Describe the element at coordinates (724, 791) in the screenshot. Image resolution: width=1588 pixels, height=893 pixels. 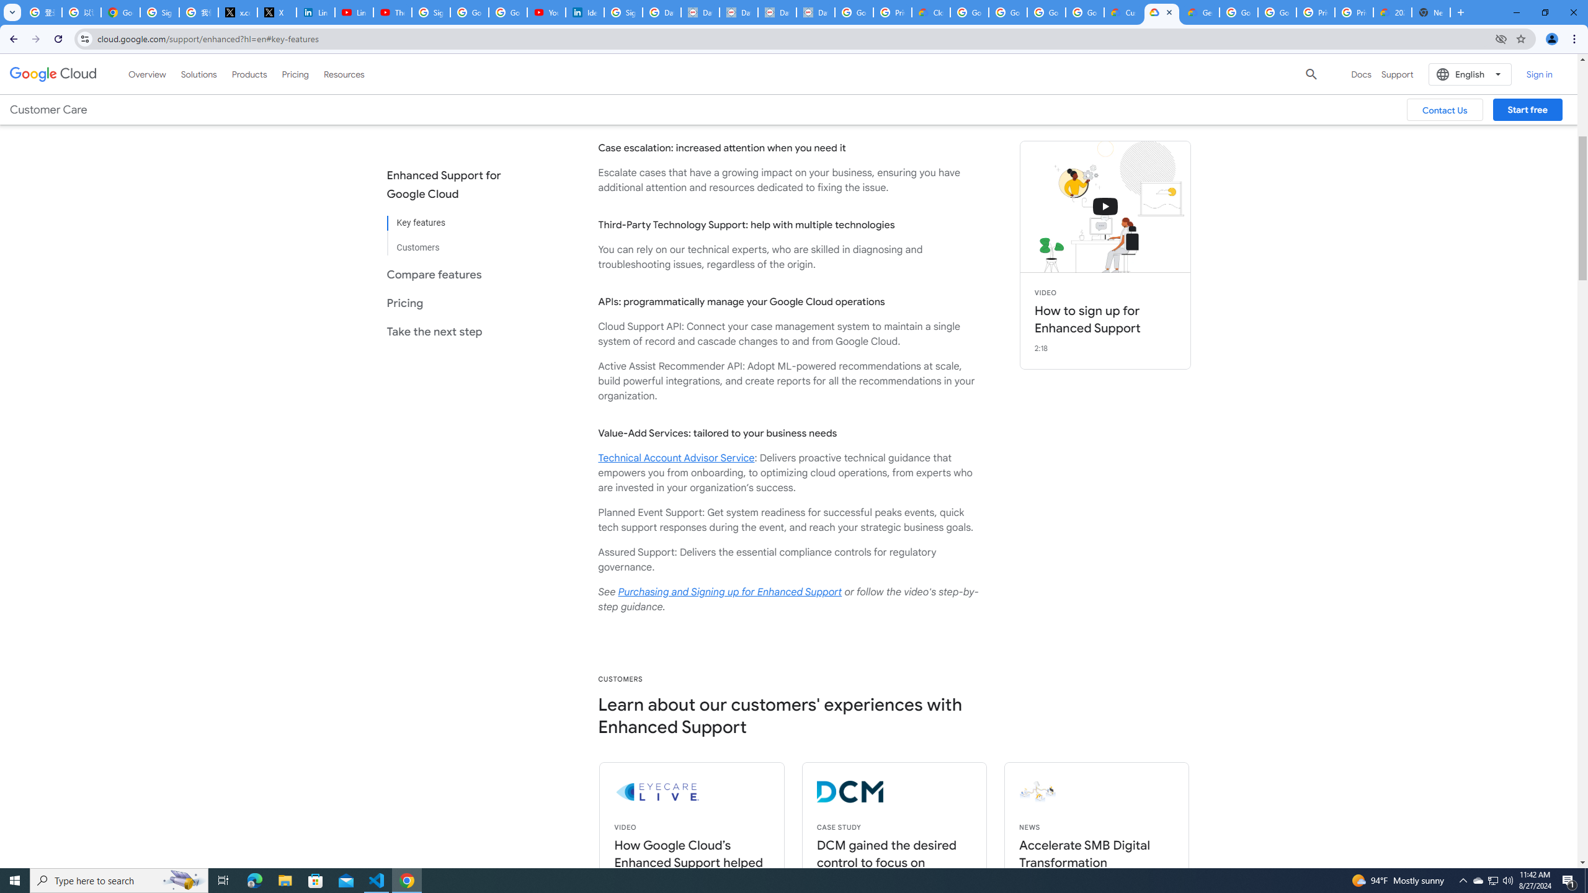
I see `'eyecarelive logo'` at that location.